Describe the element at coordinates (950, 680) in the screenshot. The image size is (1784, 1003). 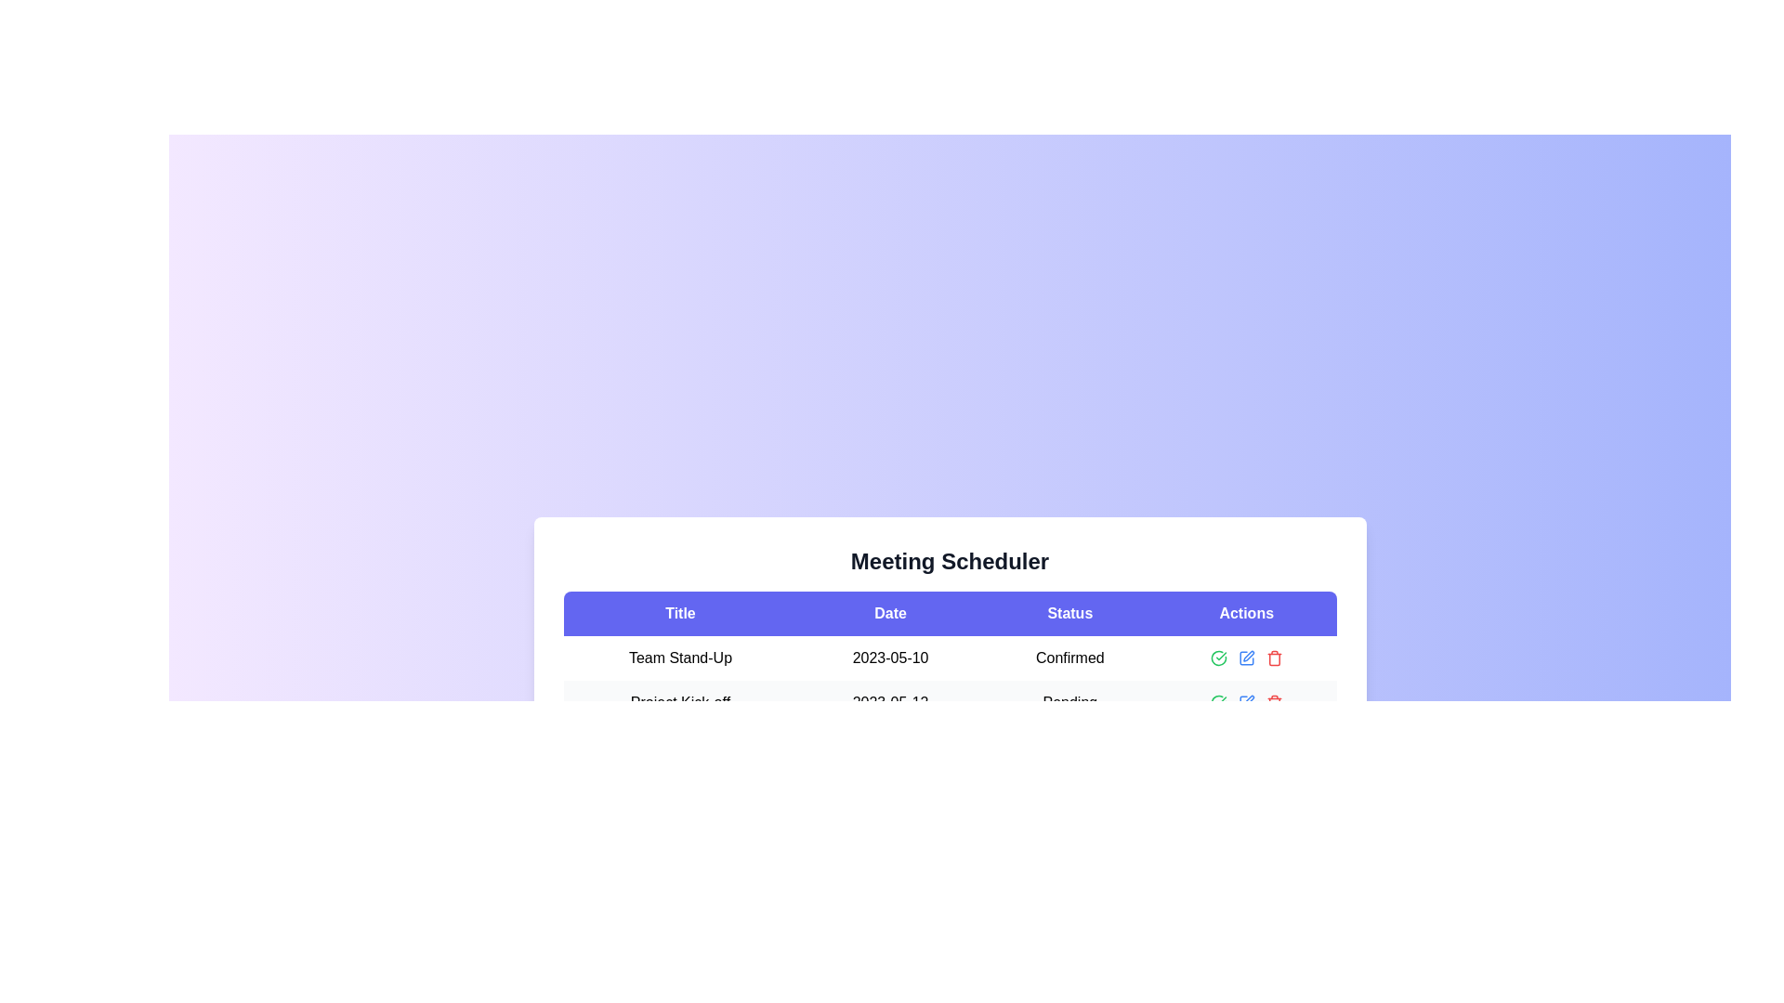
I see `the first data row in the table that displays details for the meeting titled 'Team Stand-Up', which includes the date '2023-05-10' and status 'Confirmed'` at that location.